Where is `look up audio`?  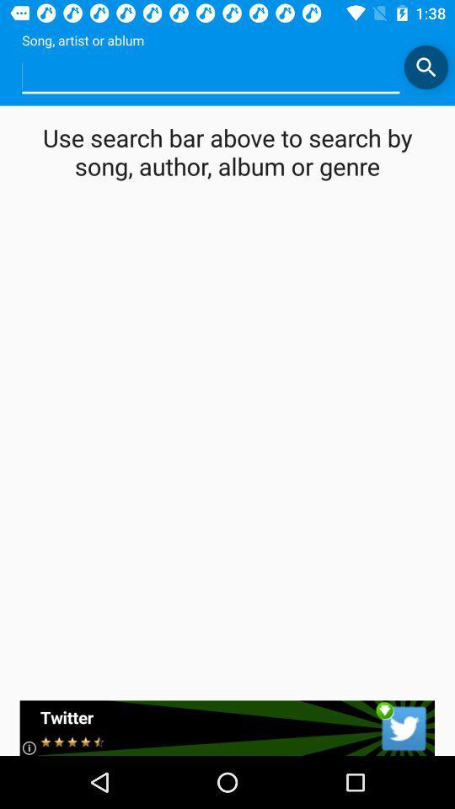
look up audio is located at coordinates (211, 76).